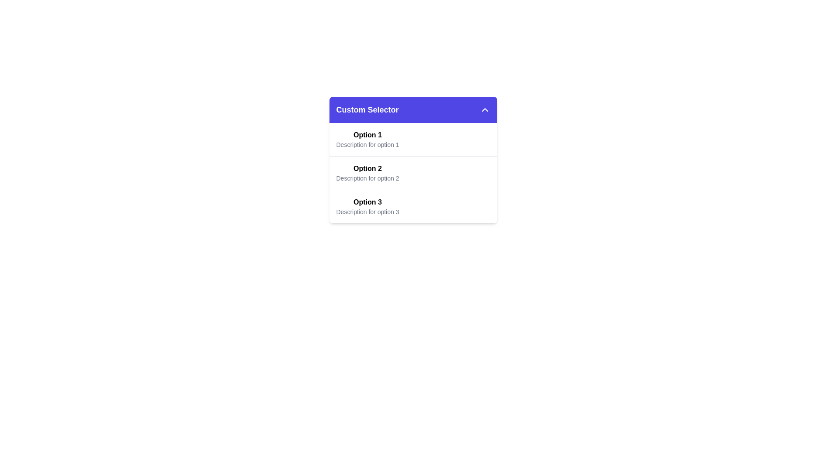 The height and width of the screenshot is (471, 839). Describe the element at coordinates (367, 135) in the screenshot. I see `text label displaying 'Option 1', which is bold and positioned above the description text 'Description for option 1' in the Custom Selector menu` at that location.